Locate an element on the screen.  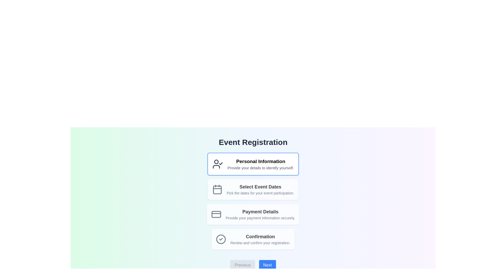
the navigation bar buttons labeled 'Previous' and 'Next' to change their visual states is located at coordinates (253, 265).